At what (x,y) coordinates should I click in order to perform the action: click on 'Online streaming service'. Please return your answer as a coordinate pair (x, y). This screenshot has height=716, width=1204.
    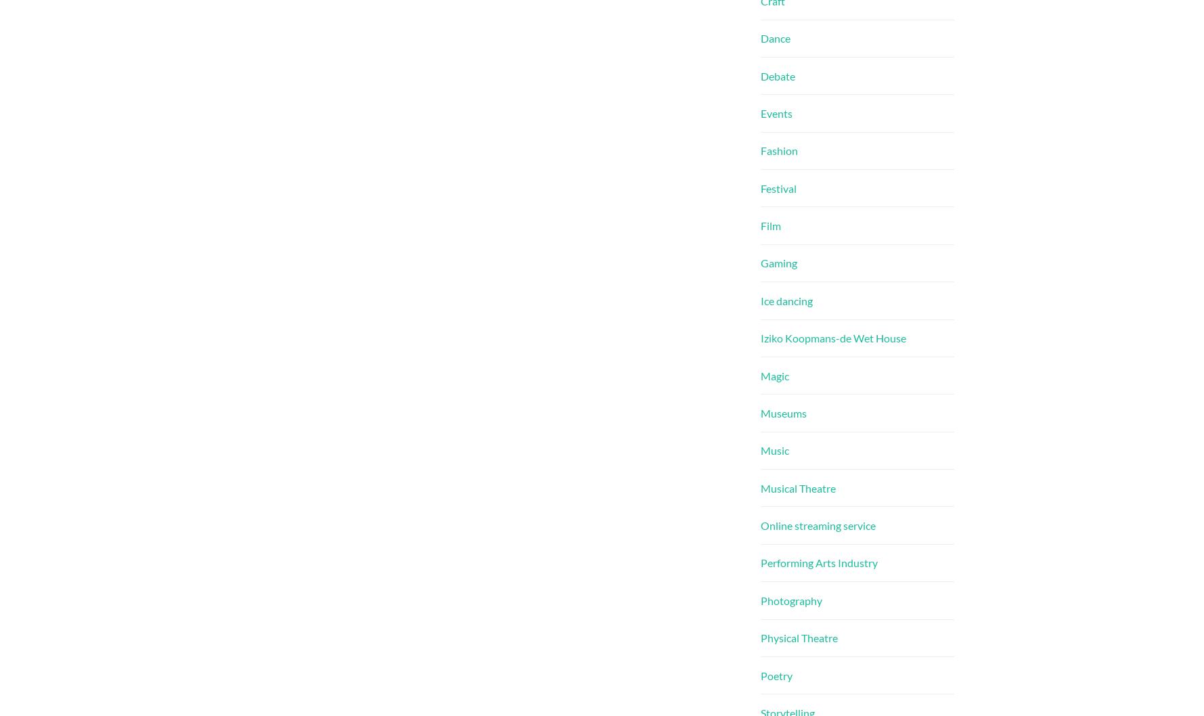
    Looking at the image, I should click on (816, 525).